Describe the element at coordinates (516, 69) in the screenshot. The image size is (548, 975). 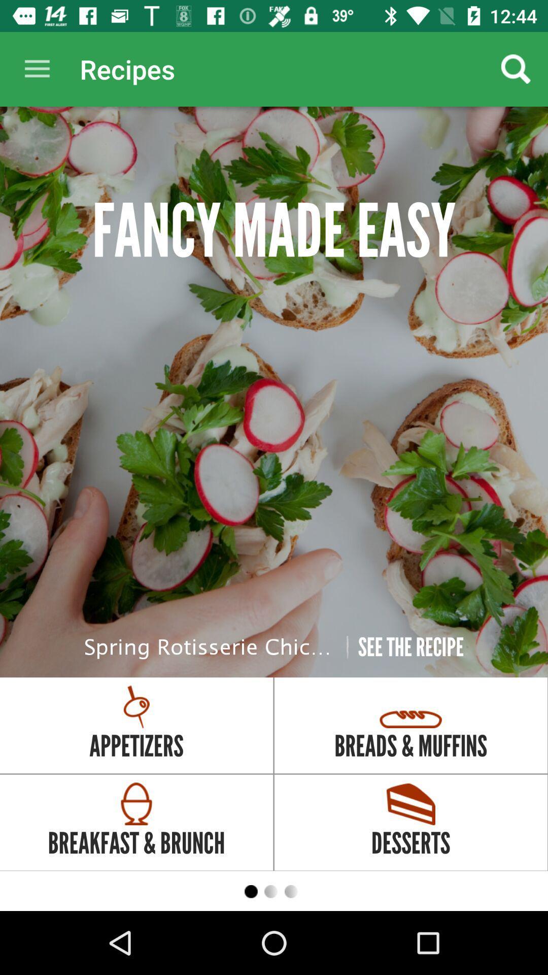
I see `the item to the right of the recipes app` at that location.